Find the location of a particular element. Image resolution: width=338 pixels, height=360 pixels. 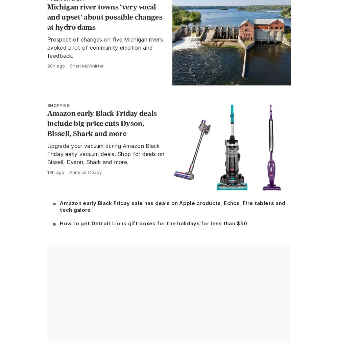

'Michigan river towns ‘very vocal and upset’ about possible changes at hydro dams' is located at coordinates (105, 16).